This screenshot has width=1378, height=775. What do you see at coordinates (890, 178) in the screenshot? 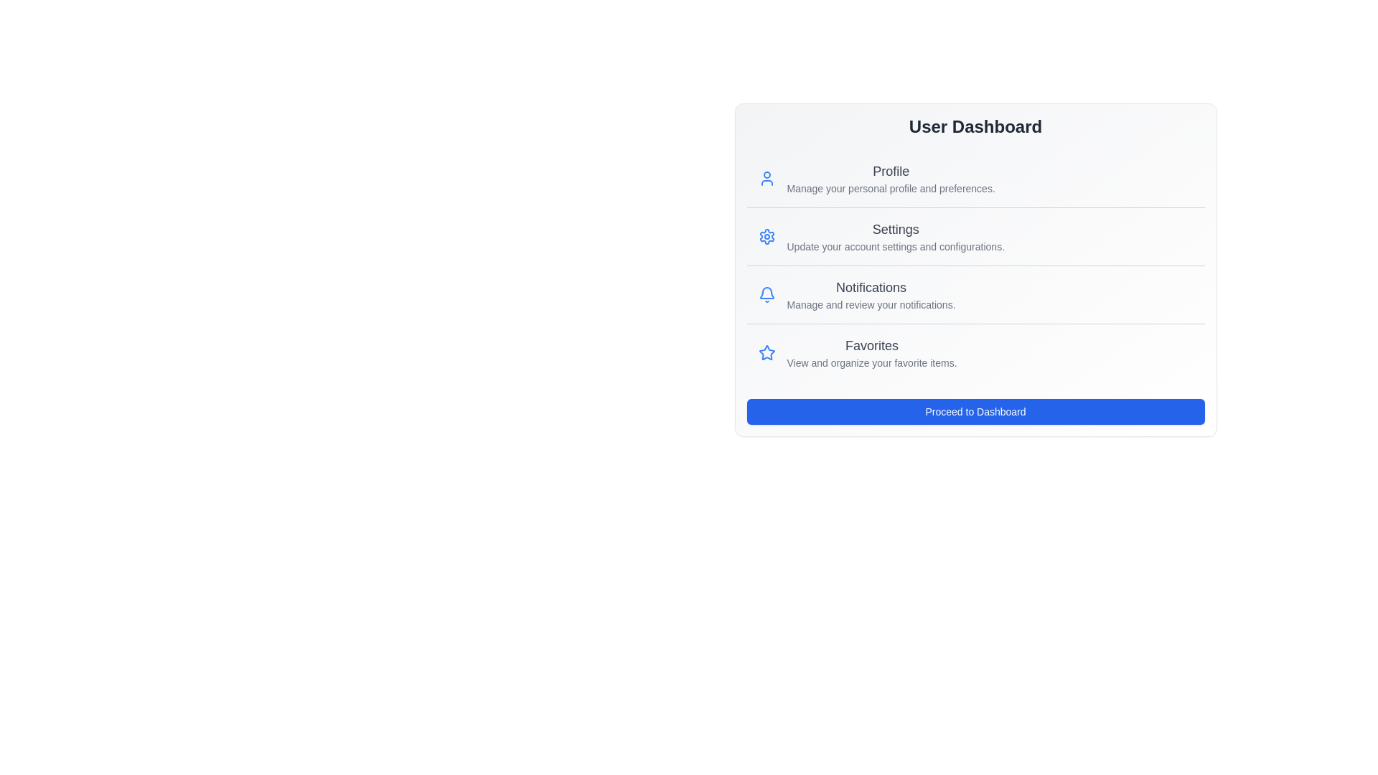
I see `the 'Profile' section label on the User Dashboard, which is the first item in a vertical list on the right-hand side, located under the 'User Dashboard' heading` at bounding box center [890, 178].